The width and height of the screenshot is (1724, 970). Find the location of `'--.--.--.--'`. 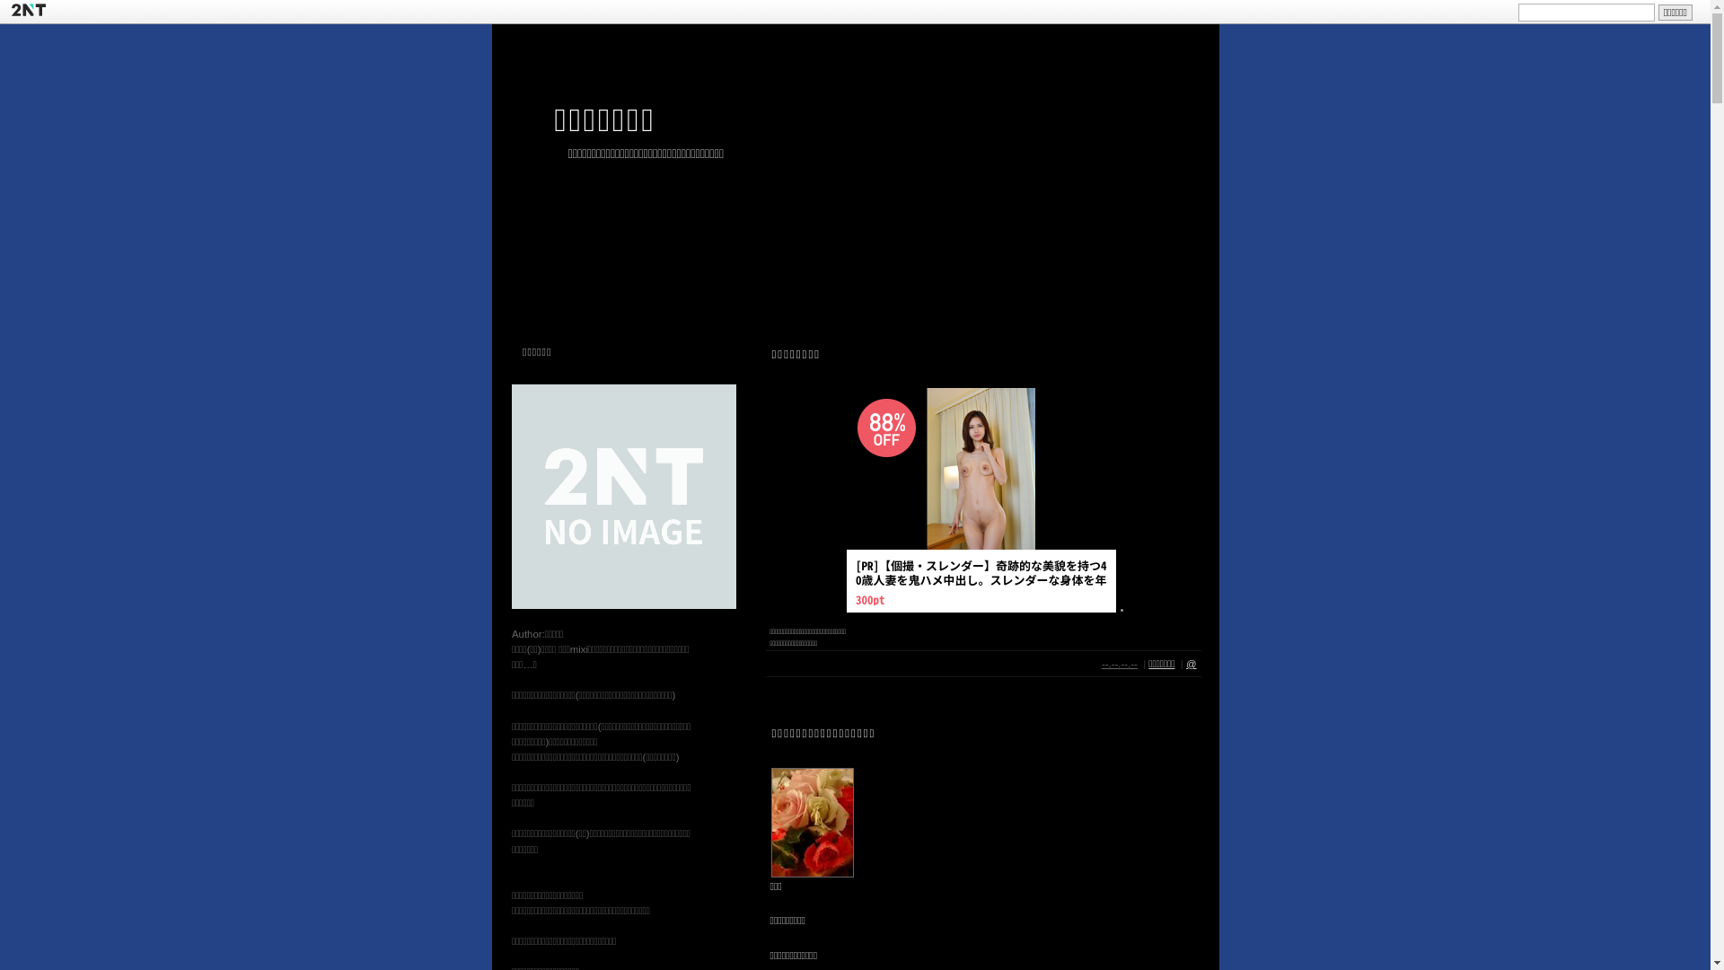

'--.--.--.--' is located at coordinates (1119, 664).